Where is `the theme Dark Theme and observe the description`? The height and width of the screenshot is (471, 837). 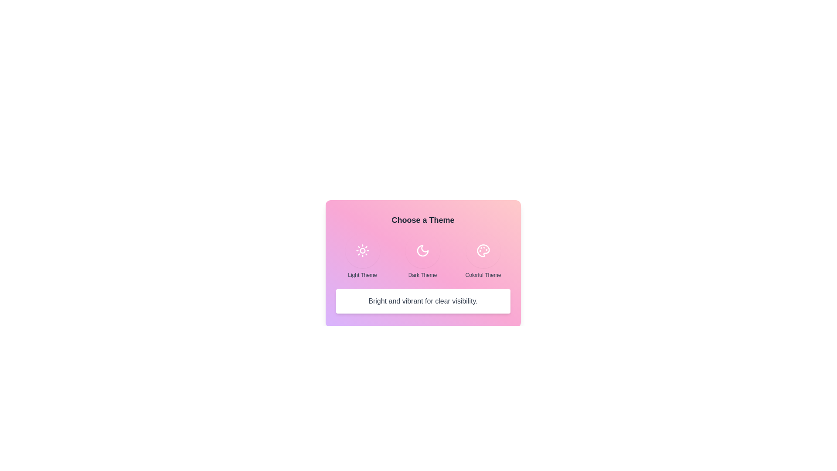 the theme Dark Theme and observe the description is located at coordinates (422, 250).